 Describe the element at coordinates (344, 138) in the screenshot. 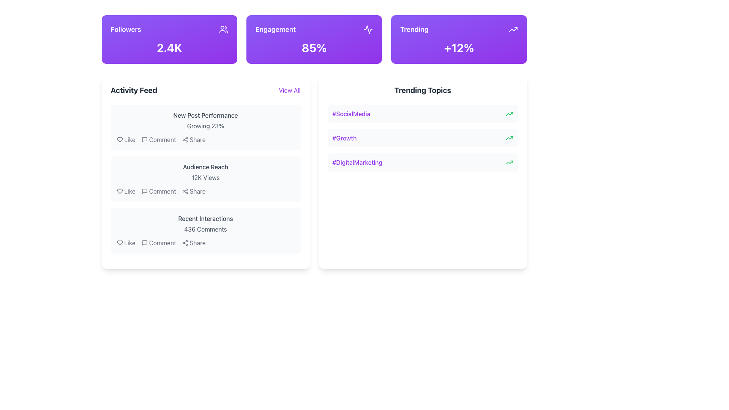

I see `the text label displaying '#Growth' which is the second hashtag in the 'Trending Topics' list` at that location.